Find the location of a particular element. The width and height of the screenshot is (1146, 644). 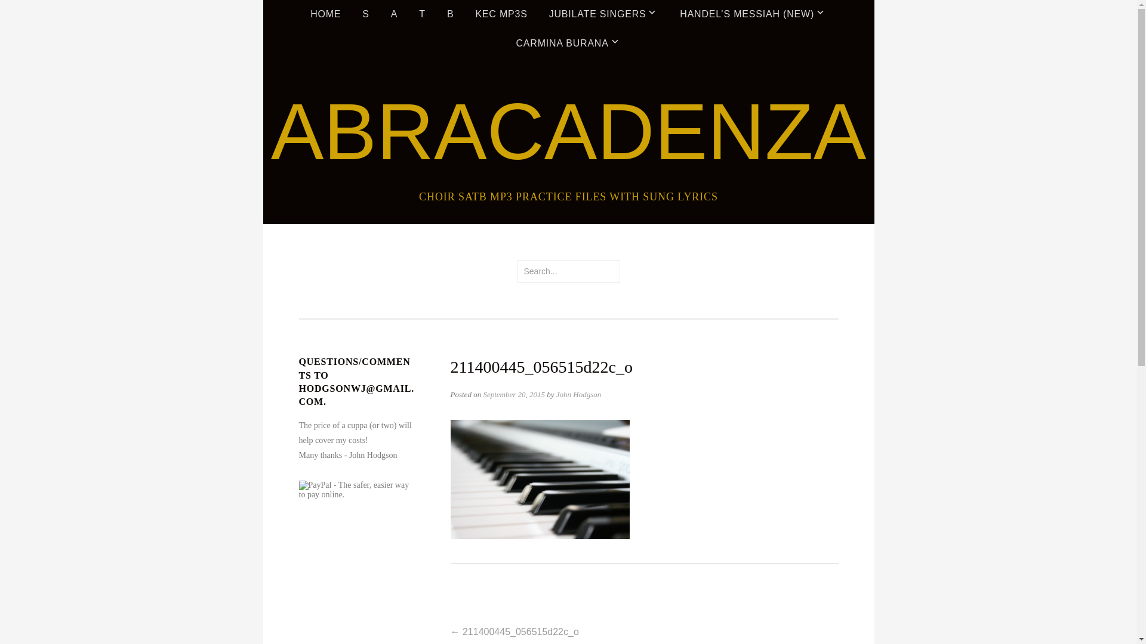

'CARMINA BURANA' is located at coordinates (567, 43).